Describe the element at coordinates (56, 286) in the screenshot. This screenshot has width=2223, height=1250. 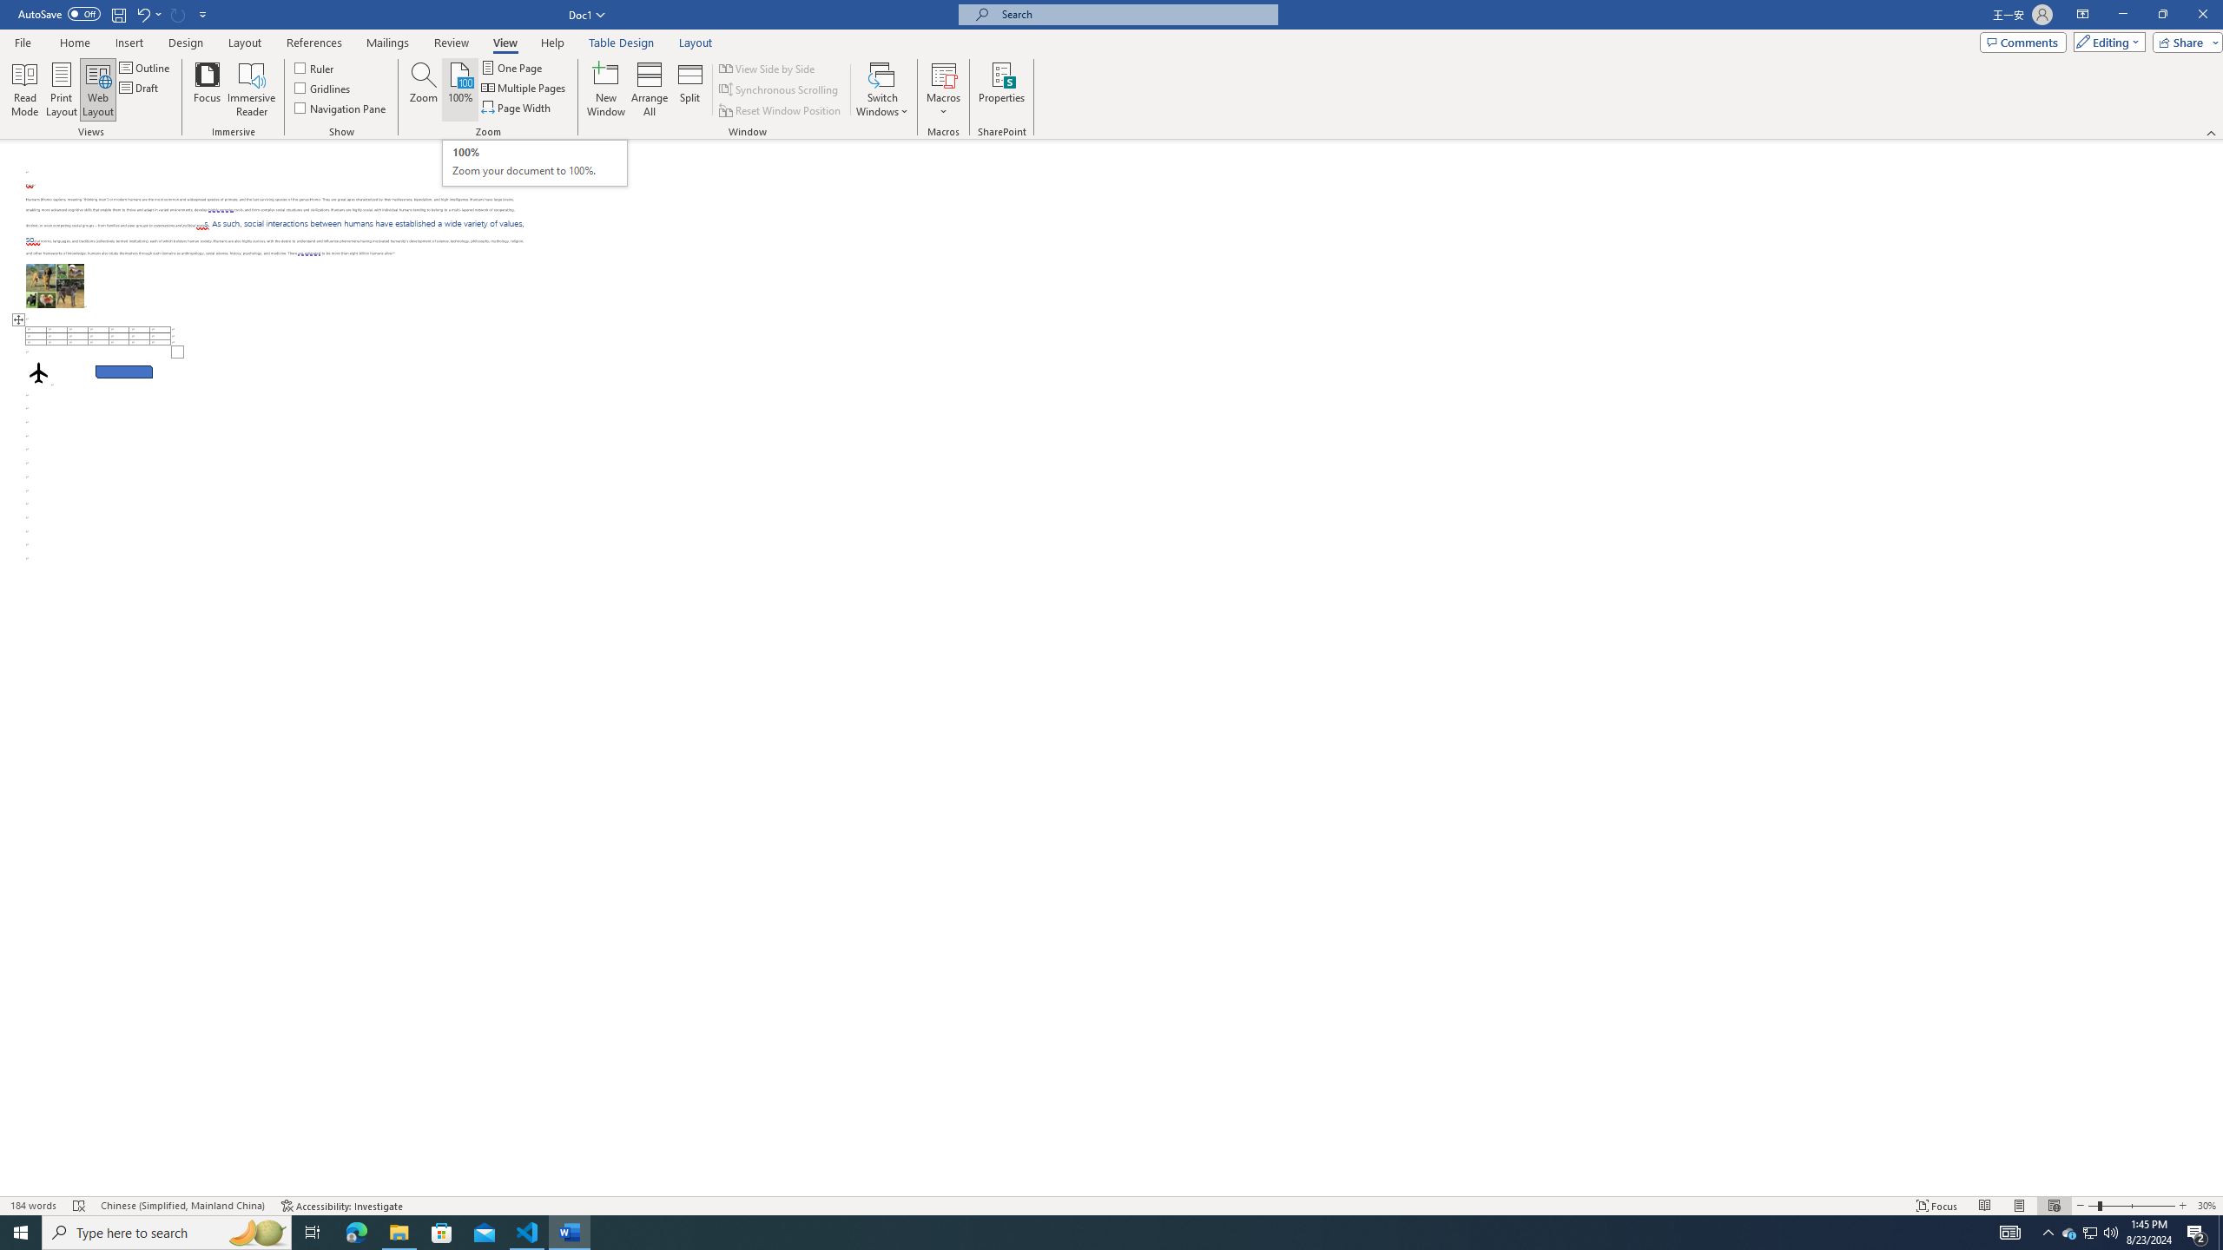
I see `'Morphological variation in six dogs'` at that location.